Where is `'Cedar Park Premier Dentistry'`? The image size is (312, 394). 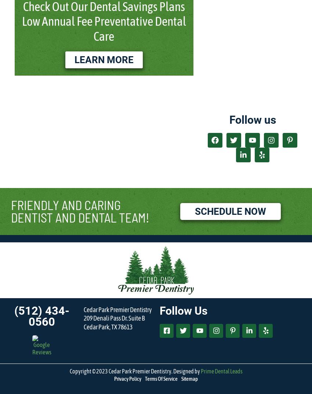
'Cedar Park Premier Dentistry' is located at coordinates (117, 309).